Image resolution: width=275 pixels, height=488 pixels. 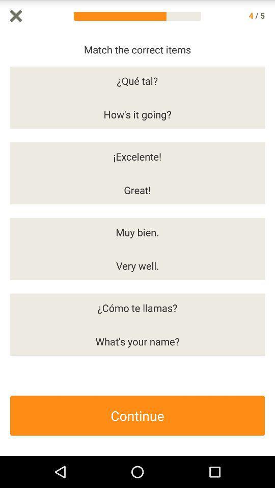 I want to click on button on the right, so click(x=270, y=244).